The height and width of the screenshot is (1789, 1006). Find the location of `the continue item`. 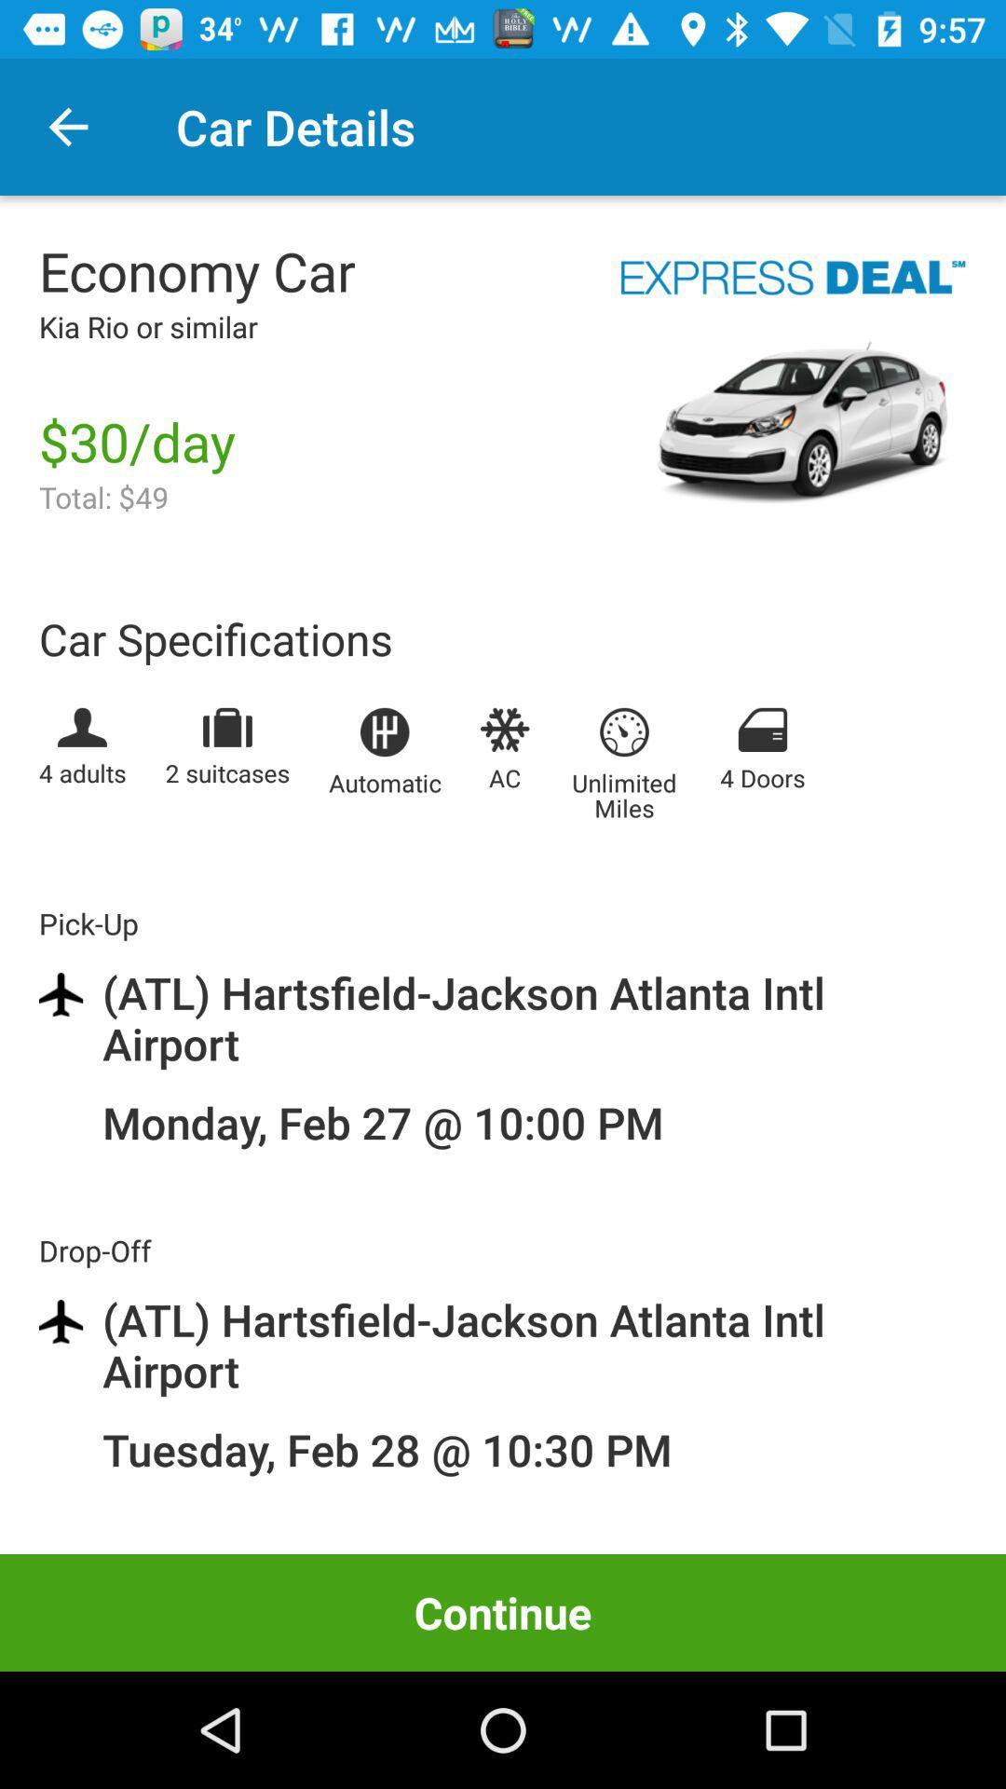

the continue item is located at coordinates (503, 1612).